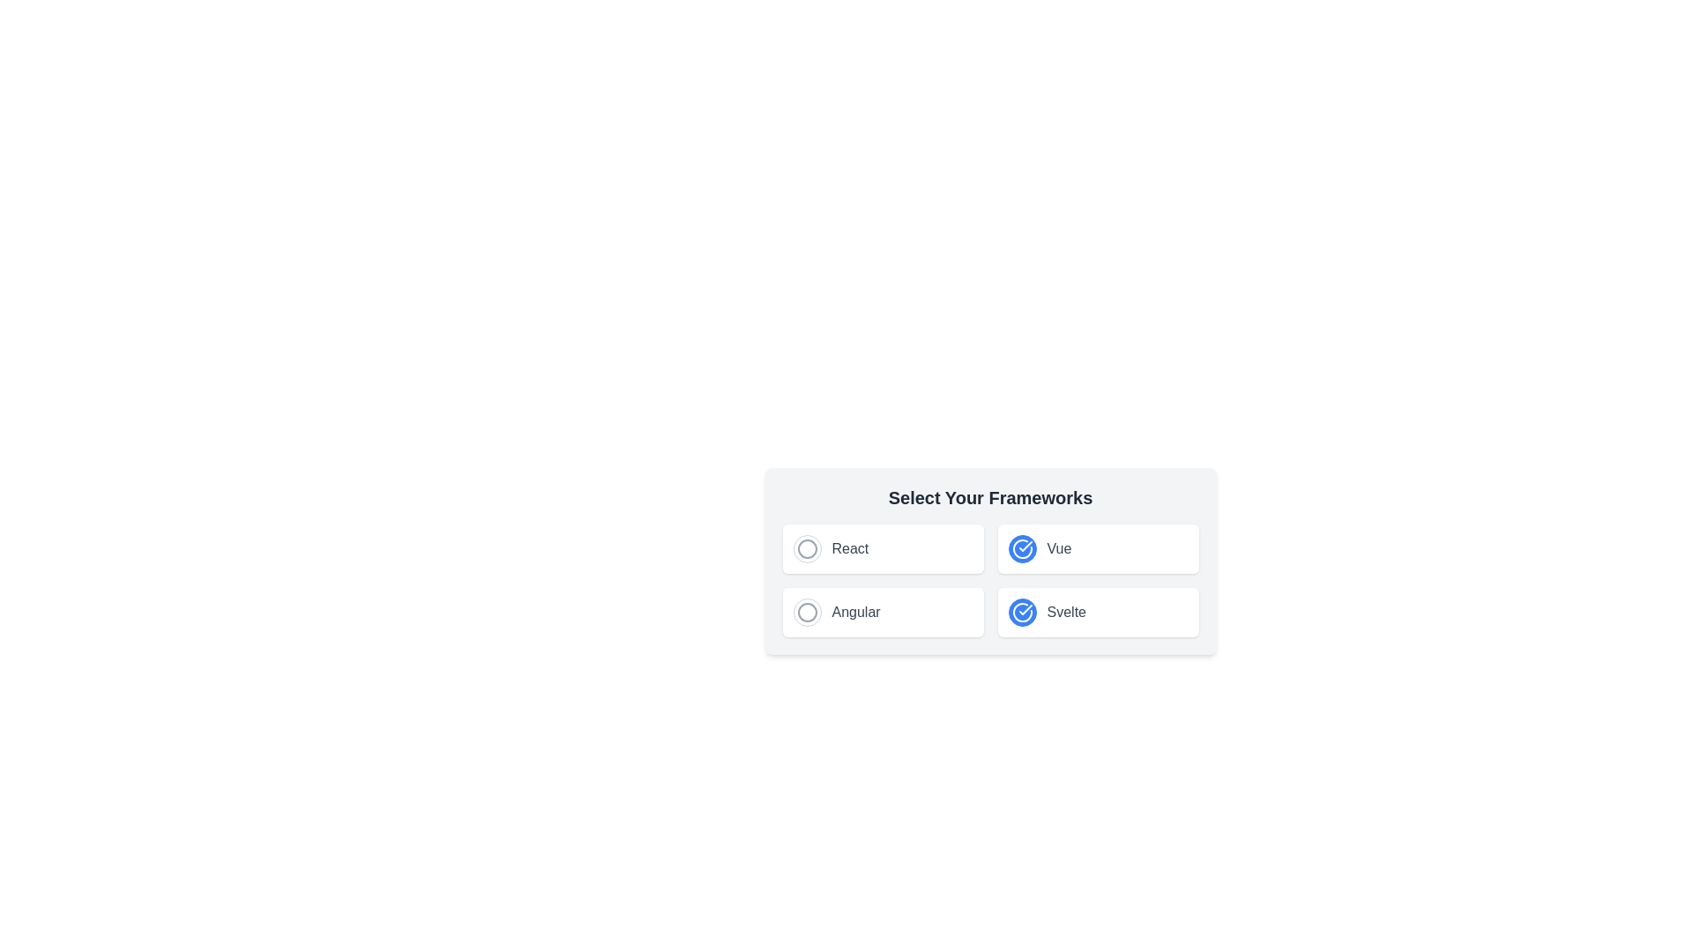 The width and height of the screenshot is (1693, 952). Describe the element at coordinates (1022, 611) in the screenshot. I see `the circular button with a blue background and a white checkmark icon labeled 'Svelte'` at that location.